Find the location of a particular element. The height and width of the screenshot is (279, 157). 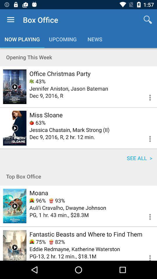

movie to play is located at coordinates (15, 86).